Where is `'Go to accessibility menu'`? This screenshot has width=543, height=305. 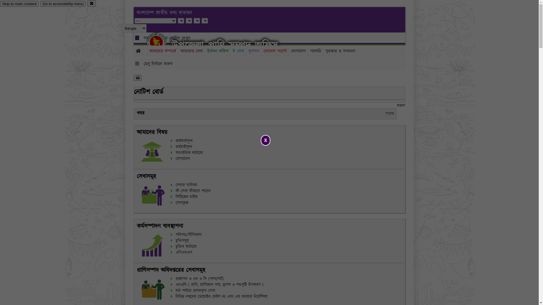
'Go to accessibility menu' is located at coordinates (63, 4).